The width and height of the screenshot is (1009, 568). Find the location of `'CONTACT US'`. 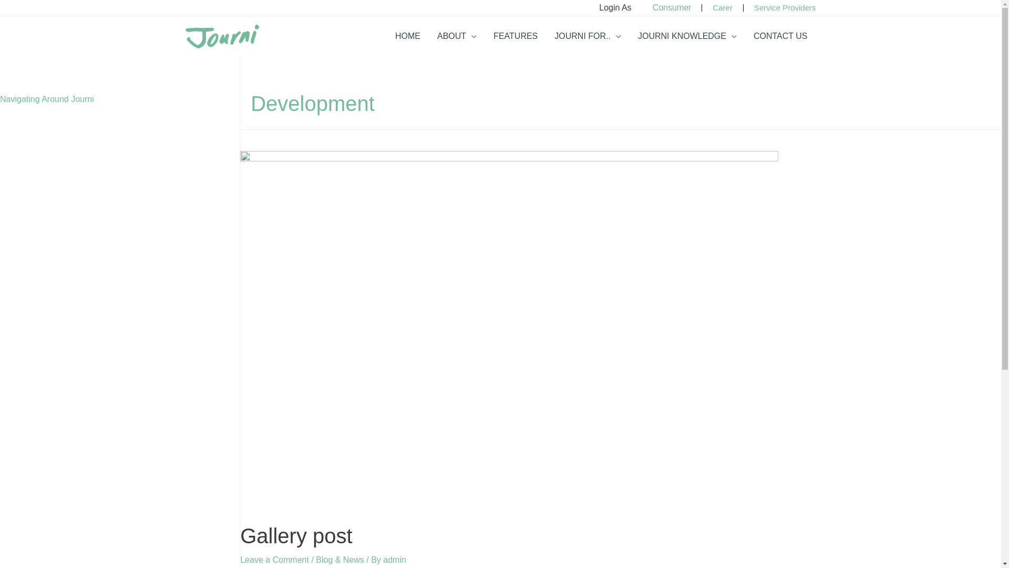

'CONTACT US' is located at coordinates (780, 36).